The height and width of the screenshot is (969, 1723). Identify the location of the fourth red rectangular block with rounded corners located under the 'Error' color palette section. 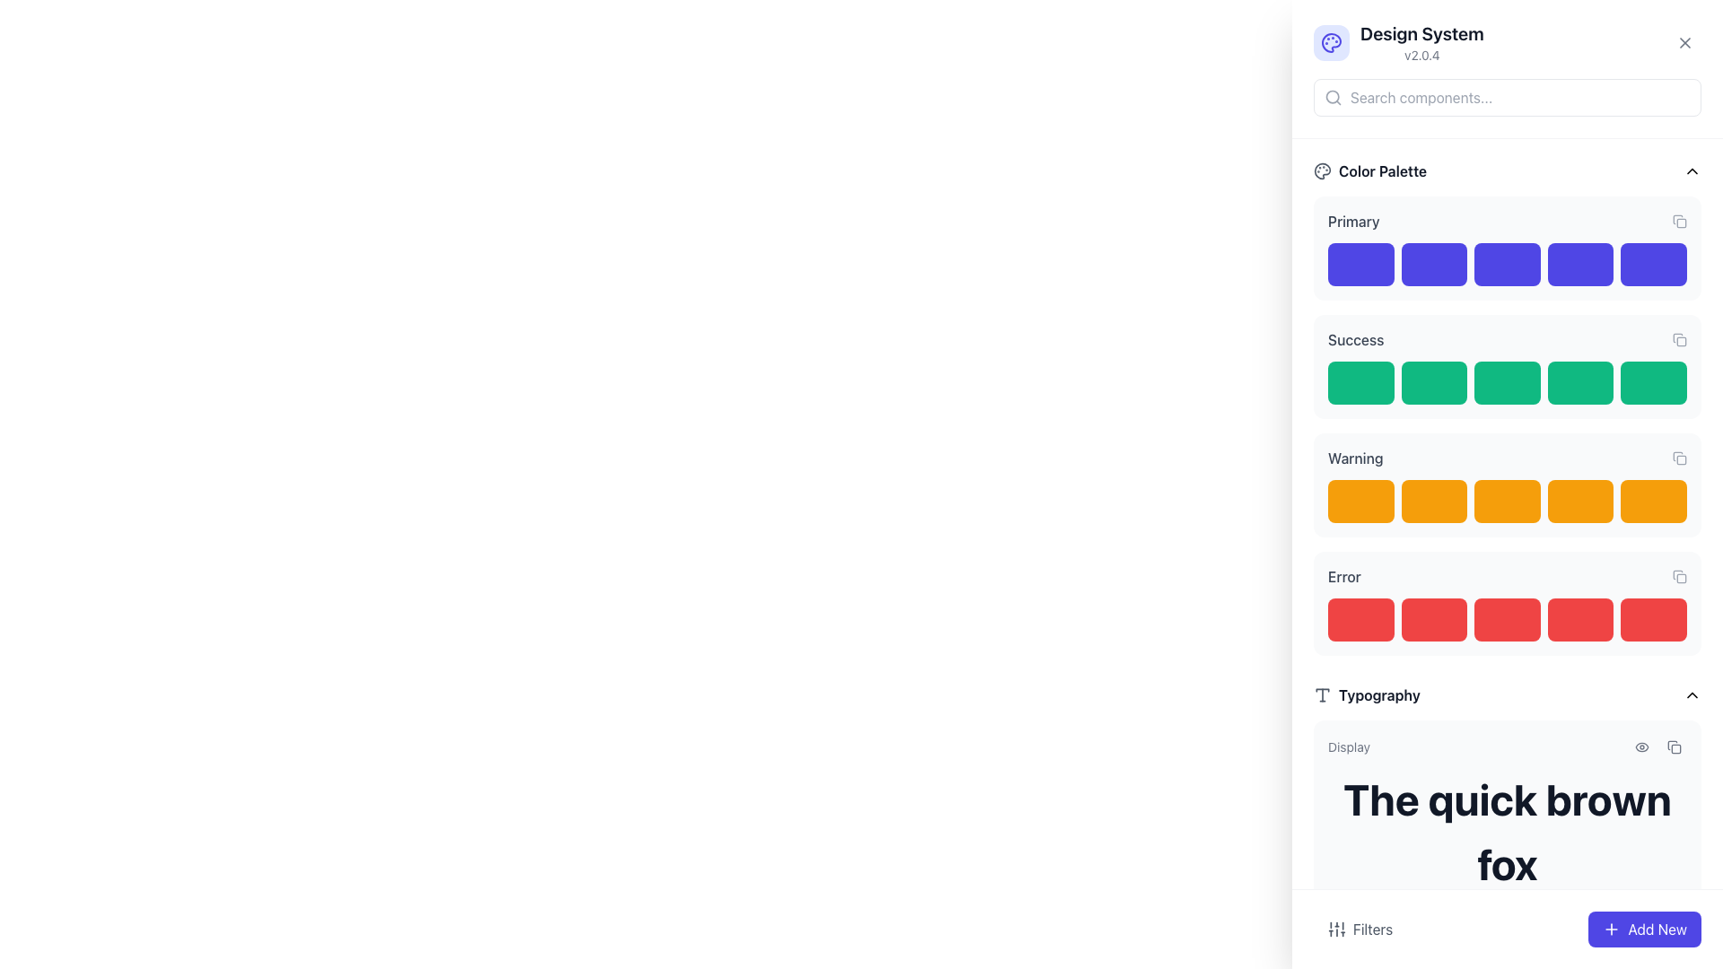
(1580, 618).